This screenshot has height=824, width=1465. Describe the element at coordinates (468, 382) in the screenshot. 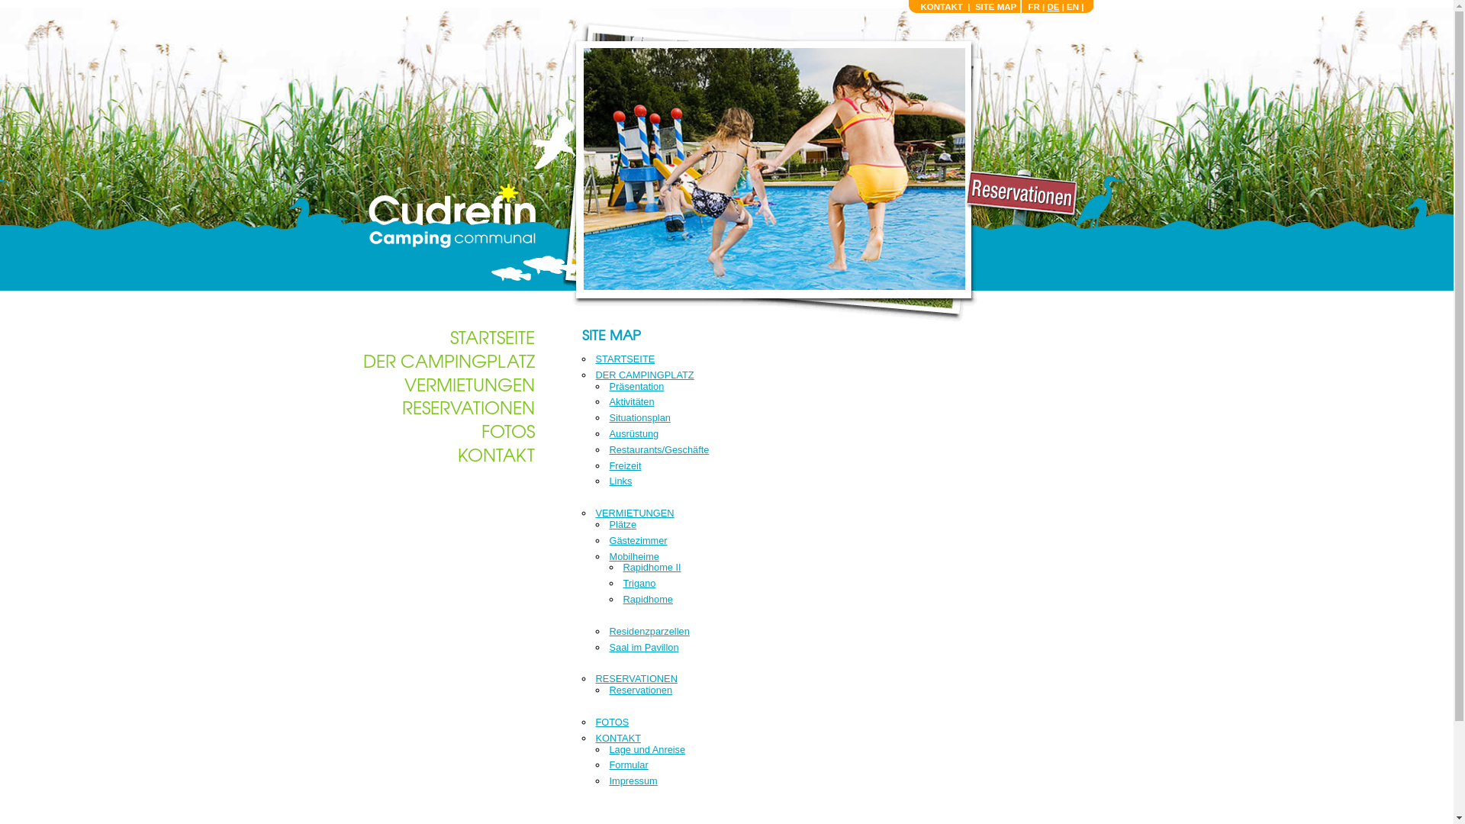

I see `'VERMIETUNGEN'` at that location.